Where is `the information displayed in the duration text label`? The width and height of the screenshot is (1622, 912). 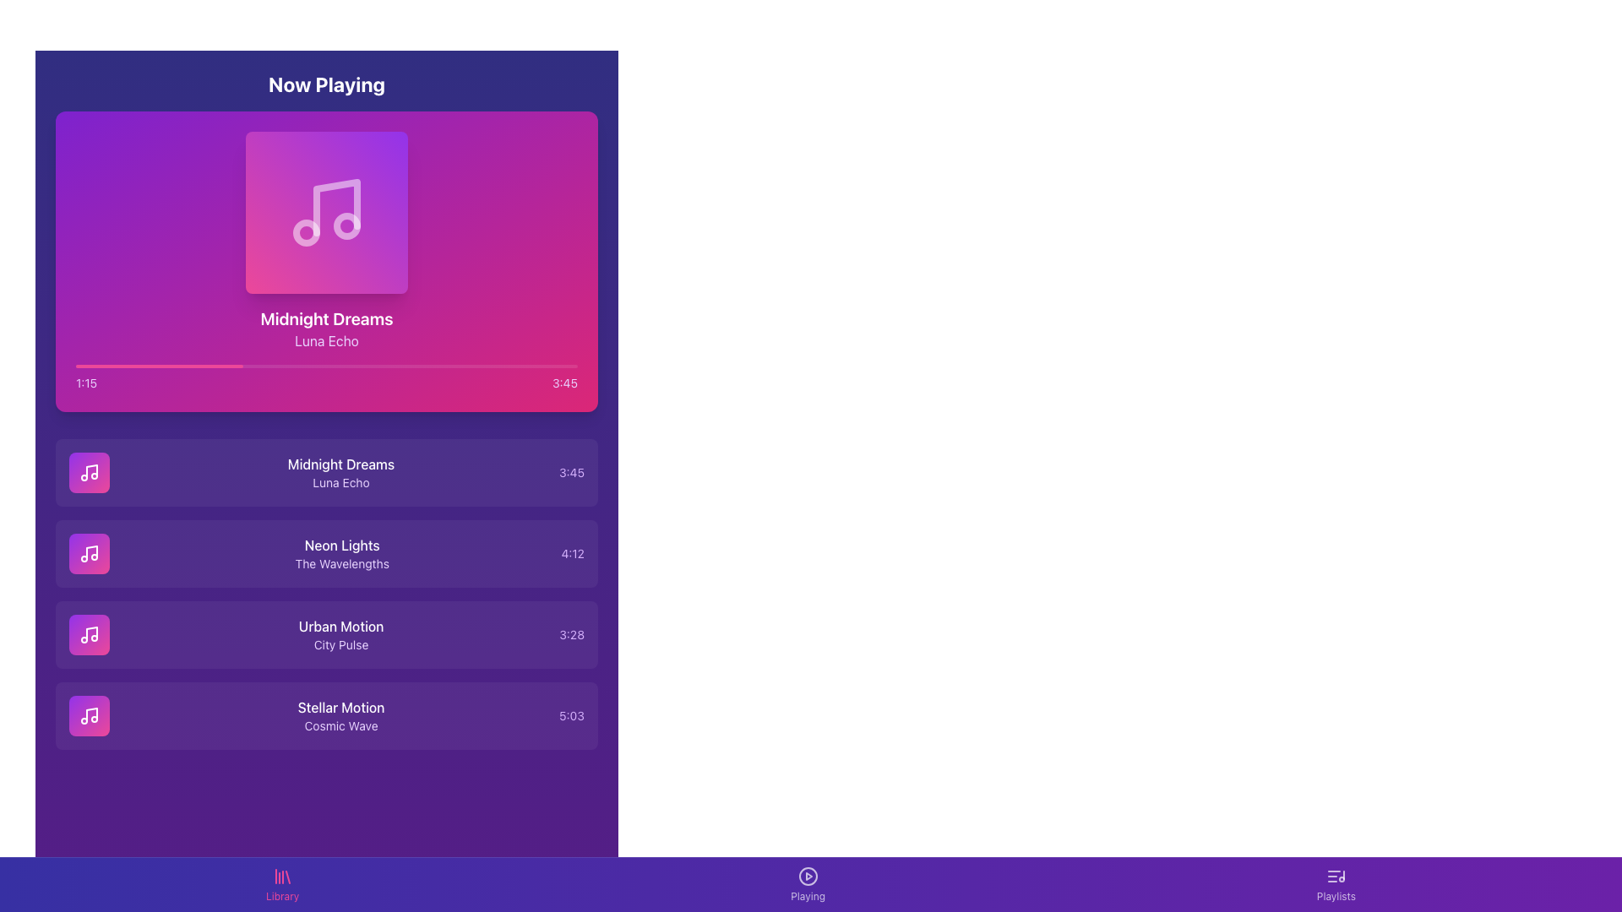 the information displayed in the duration text label is located at coordinates (572, 716).